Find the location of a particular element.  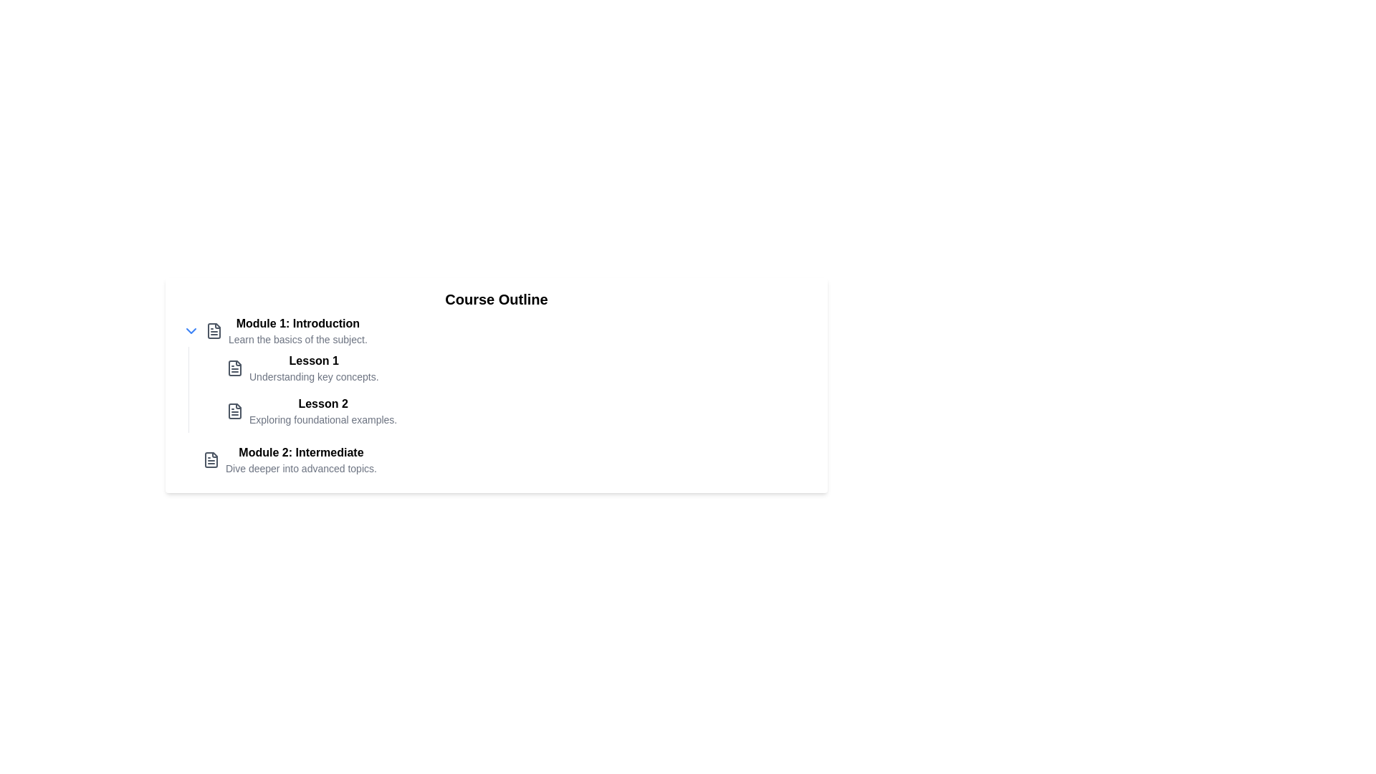

the document-like icon indicating 'Lesson 2', located to the left of the text 'Lesson 2 Exploring foundational examples' is located at coordinates (234, 411).